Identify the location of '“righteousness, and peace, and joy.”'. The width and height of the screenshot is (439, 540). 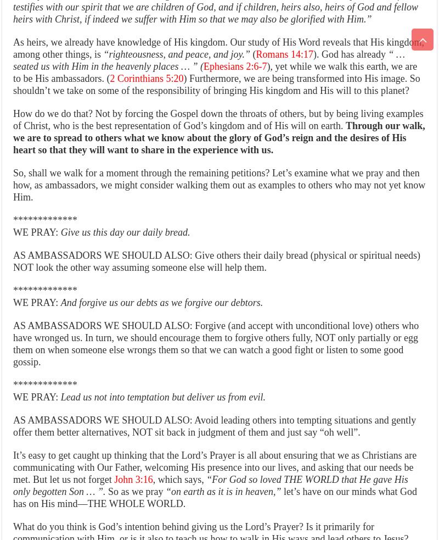
(175, 53).